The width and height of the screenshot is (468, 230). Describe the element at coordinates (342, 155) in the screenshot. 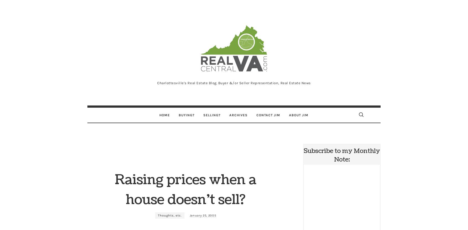

I see `'Subscribe to my Monthly Note:'` at that location.